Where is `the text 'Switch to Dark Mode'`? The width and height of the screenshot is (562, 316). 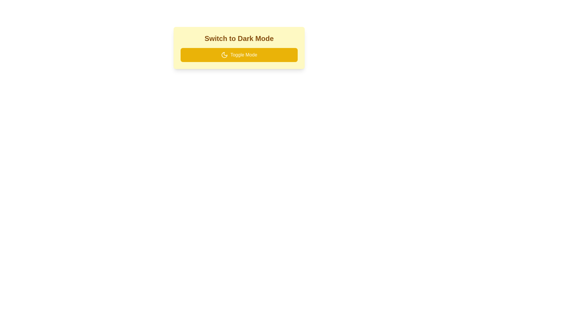 the text 'Switch to Dark Mode' is located at coordinates (239, 38).